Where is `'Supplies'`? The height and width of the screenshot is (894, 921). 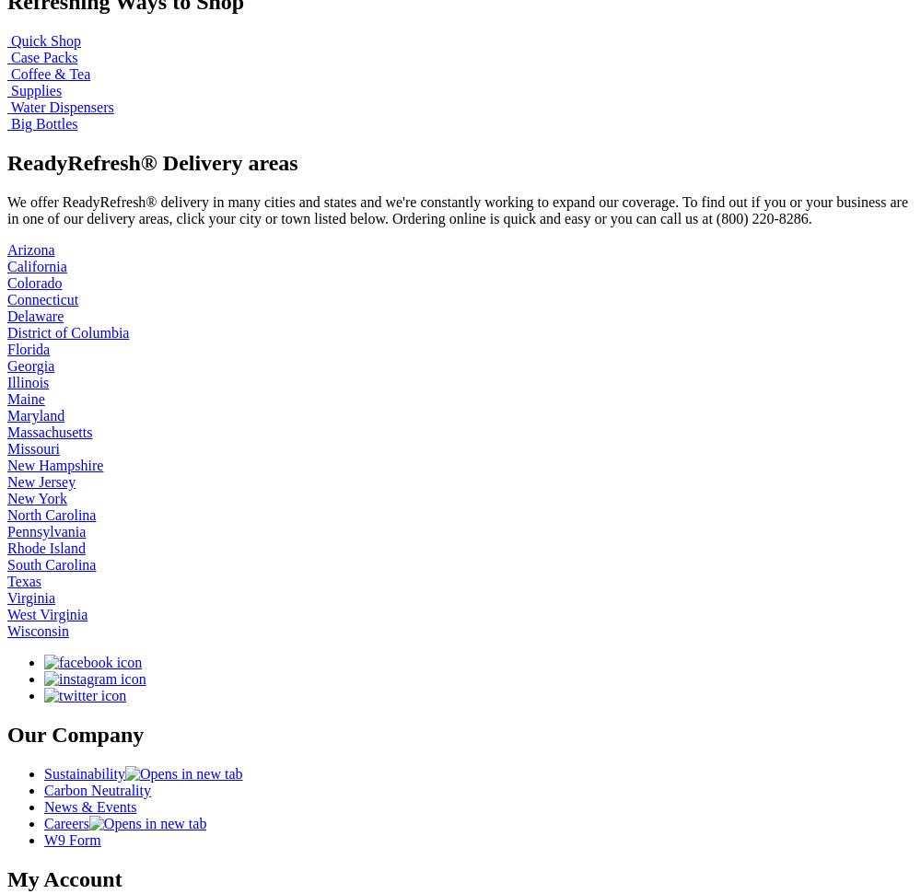 'Supplies' is located at coordinates (11, 89).